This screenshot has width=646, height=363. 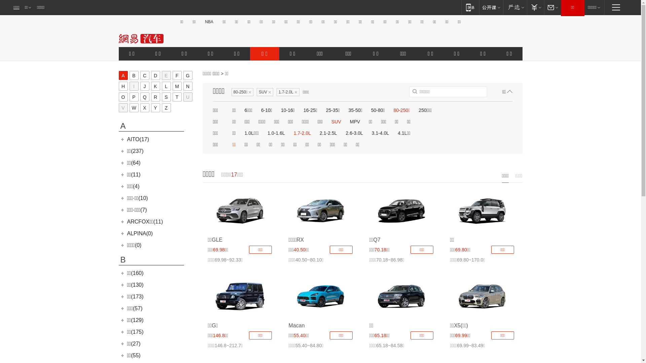 I want to click on 'B', so click(x=134, y=75).